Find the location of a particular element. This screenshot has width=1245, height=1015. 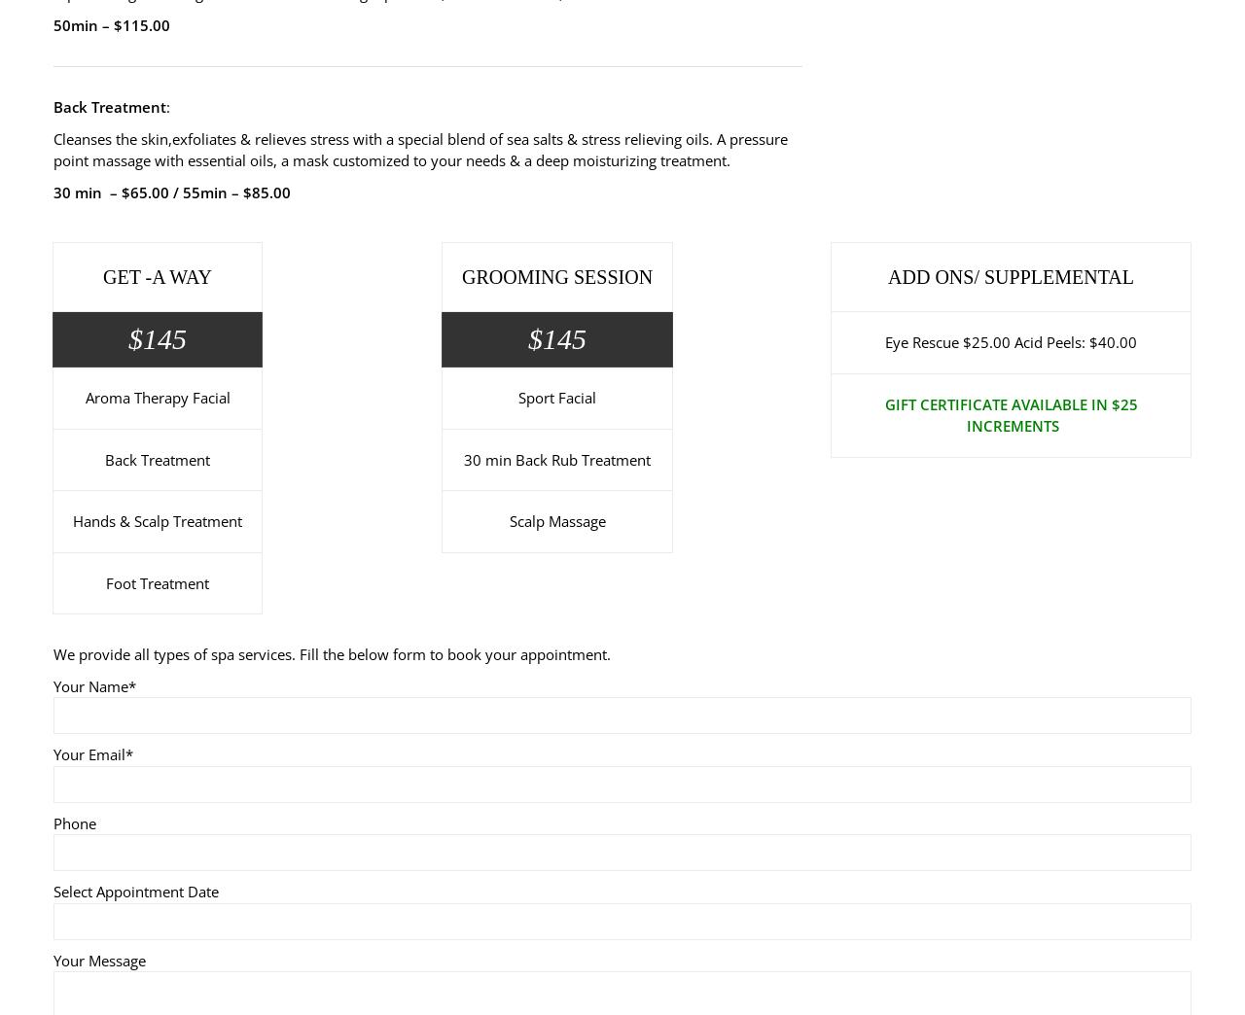

'Select Appointment Date' is located at coordinates (135, 891).